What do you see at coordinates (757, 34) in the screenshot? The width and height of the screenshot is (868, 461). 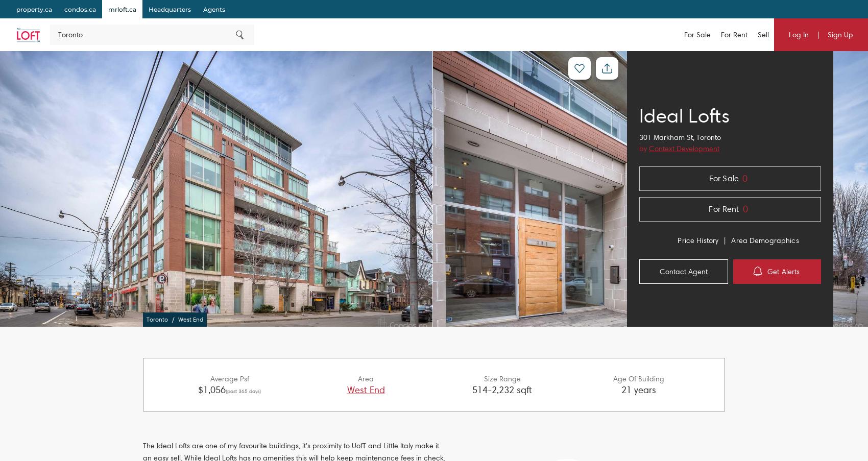 I see `'Sell'` at bounding box center [757, 34].